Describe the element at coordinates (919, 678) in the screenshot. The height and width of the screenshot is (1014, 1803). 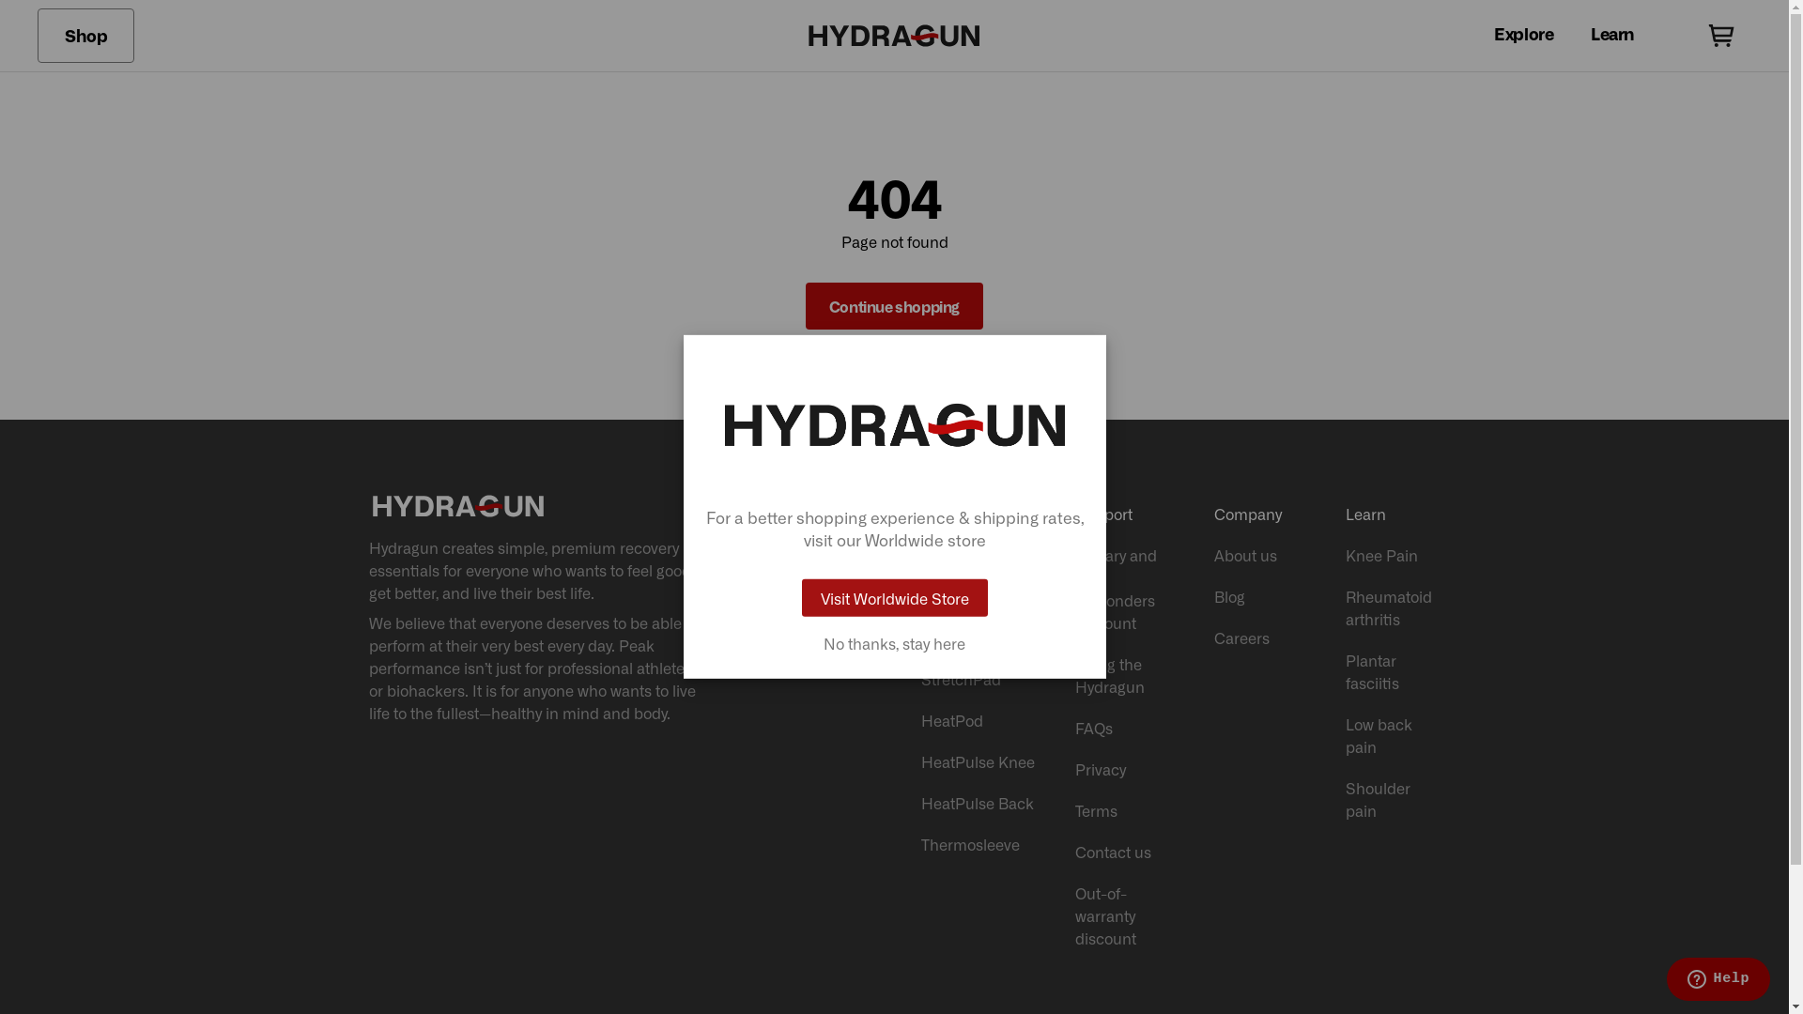
I see `'StretchPad'` at that location.